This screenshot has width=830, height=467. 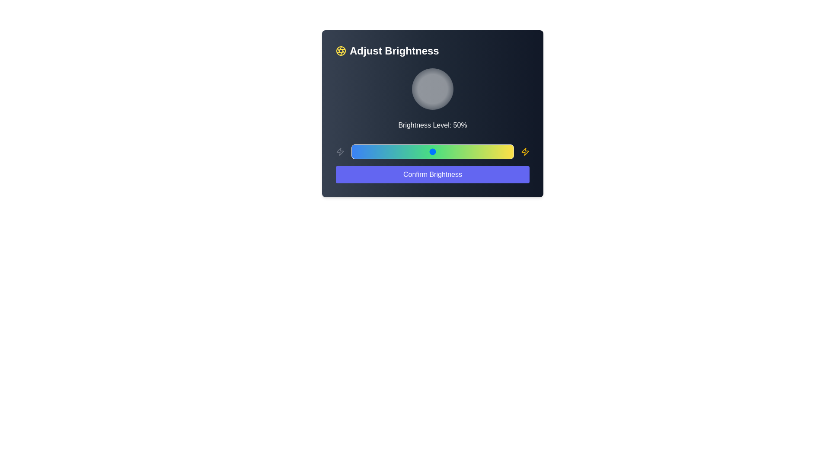 I want to click on the brightness slider to 95%, so click(x=506, y=151).